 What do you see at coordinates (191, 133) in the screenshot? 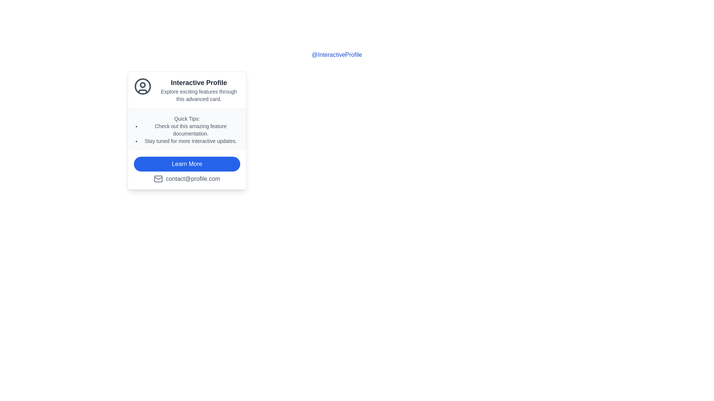
I see `the bulleted list containing the text 'Check out this amazing feature documentation.' and 'Stay tuned for more interactive updates.' located beneath the 'Quick Tips:' label` at bounding box center [191, 133].